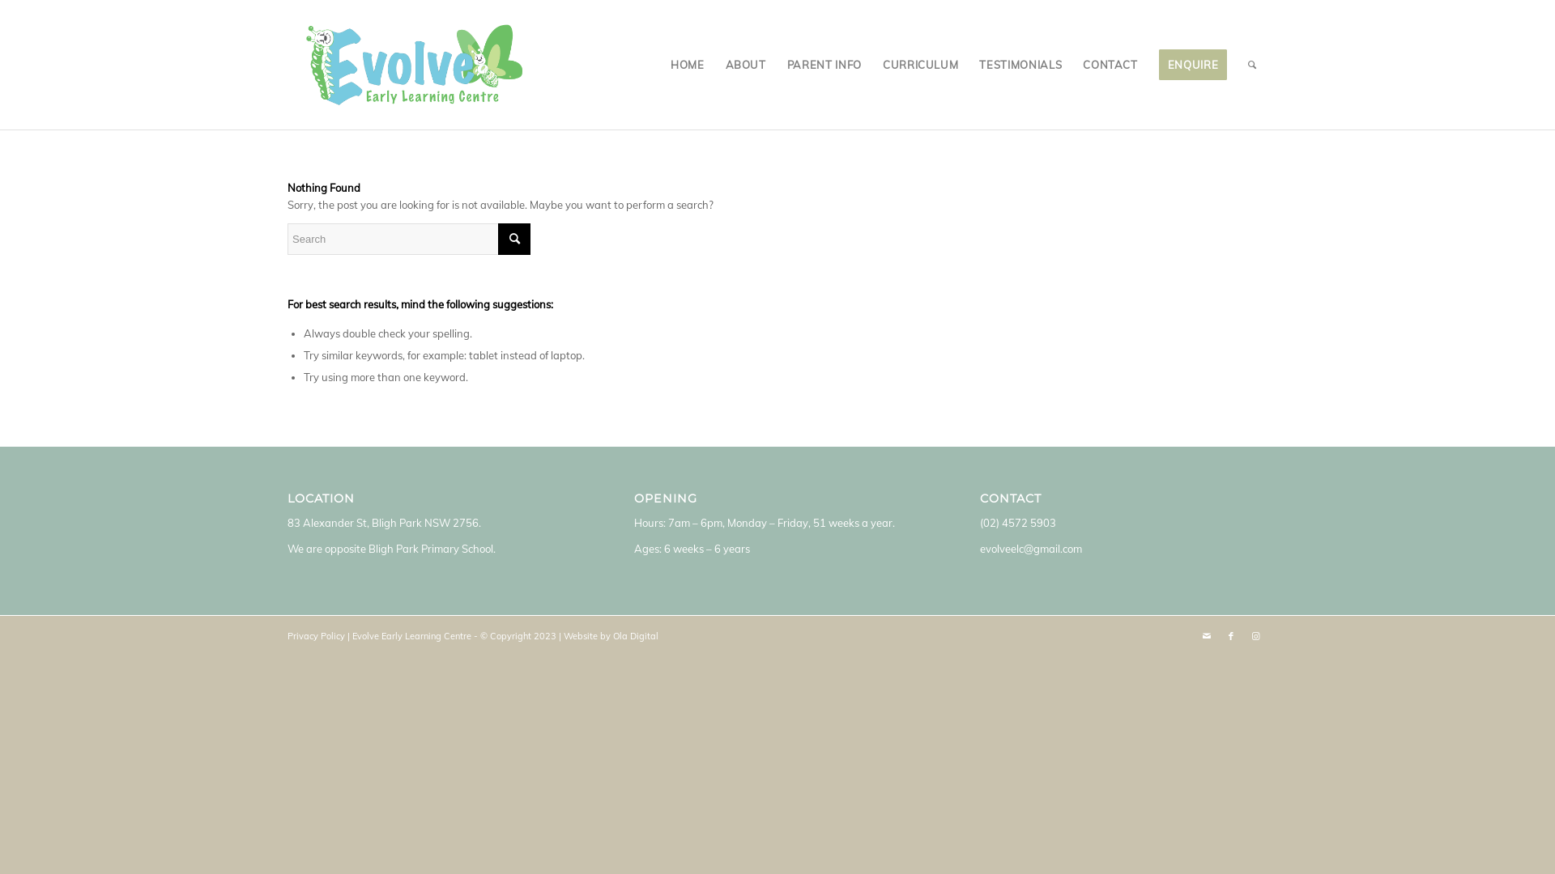 Image resolution: width=1555 pixels, height=874 pixels. I want to click on 'Instagram', so click(1255, 635).